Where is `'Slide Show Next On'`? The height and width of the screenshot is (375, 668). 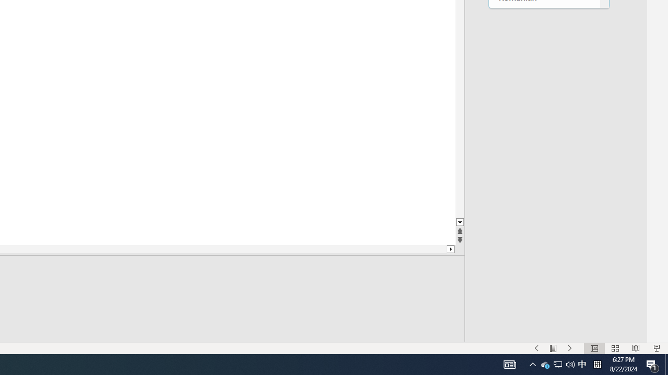 'Slide Show Next On' is located at coordinates (569, 348).